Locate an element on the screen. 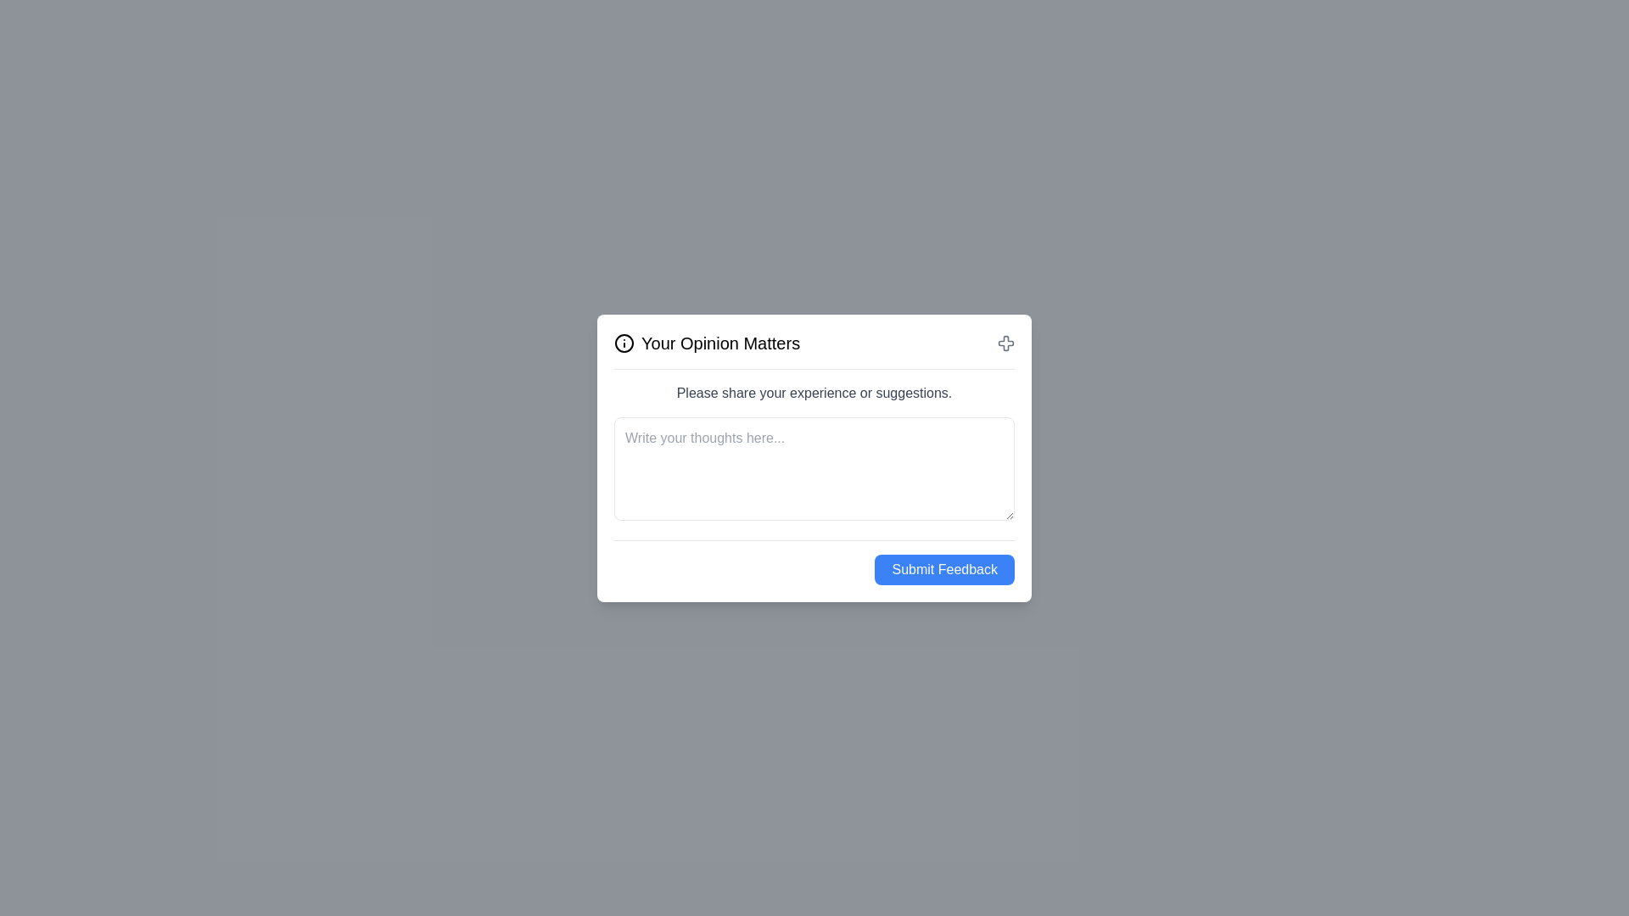 The image size is (1629, 916). close button at the top-right corner of the dialog to close it is located at coordinates (1005, 343).